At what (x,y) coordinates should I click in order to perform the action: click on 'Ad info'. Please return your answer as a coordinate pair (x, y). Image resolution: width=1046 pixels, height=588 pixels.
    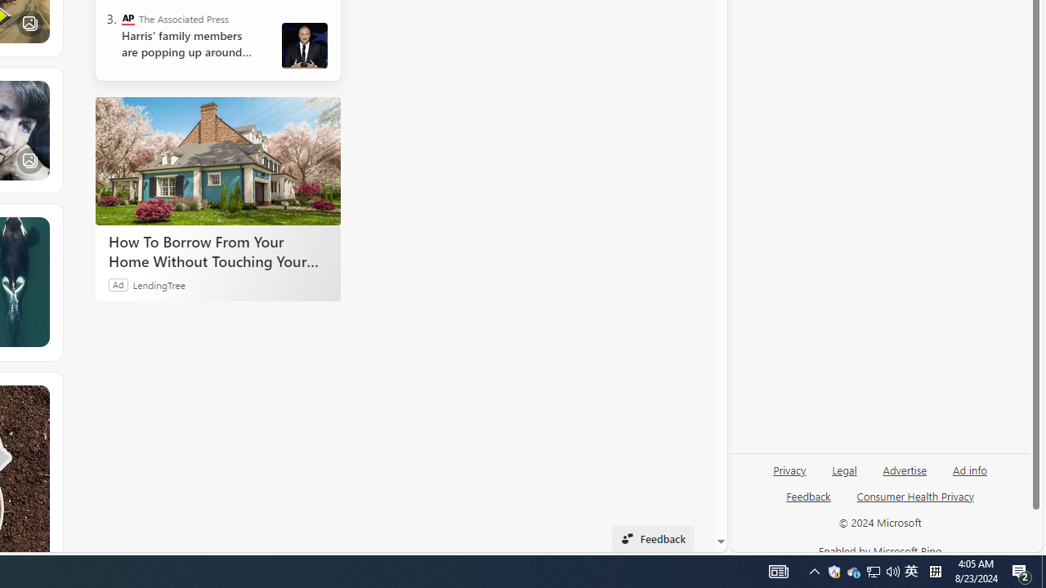
    Looking at the image, I should click on (970, 469).